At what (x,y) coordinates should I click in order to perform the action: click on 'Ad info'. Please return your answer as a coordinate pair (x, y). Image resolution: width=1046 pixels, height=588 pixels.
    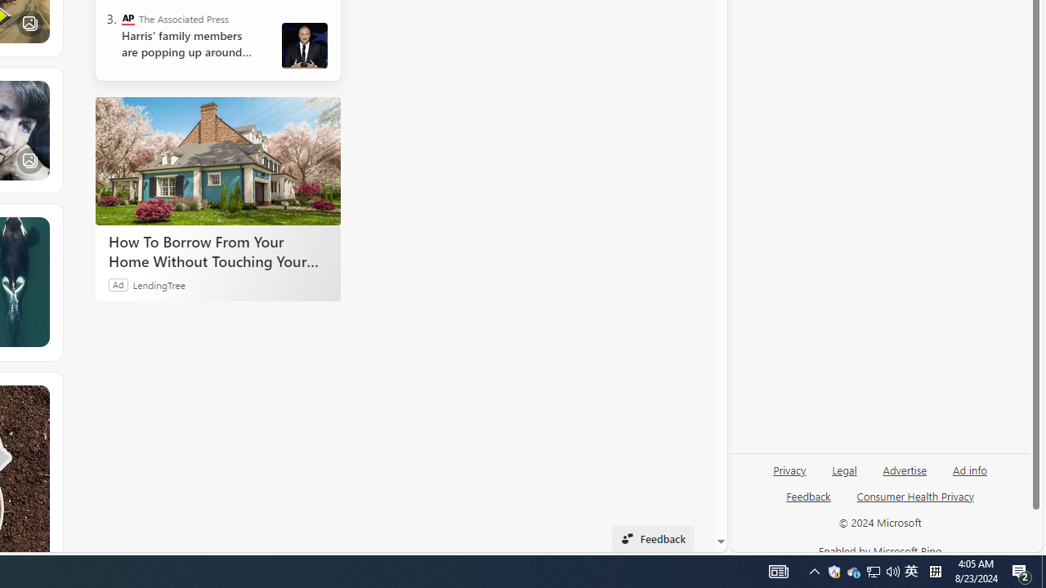
    Looking at the image, I should click on (970, 469).